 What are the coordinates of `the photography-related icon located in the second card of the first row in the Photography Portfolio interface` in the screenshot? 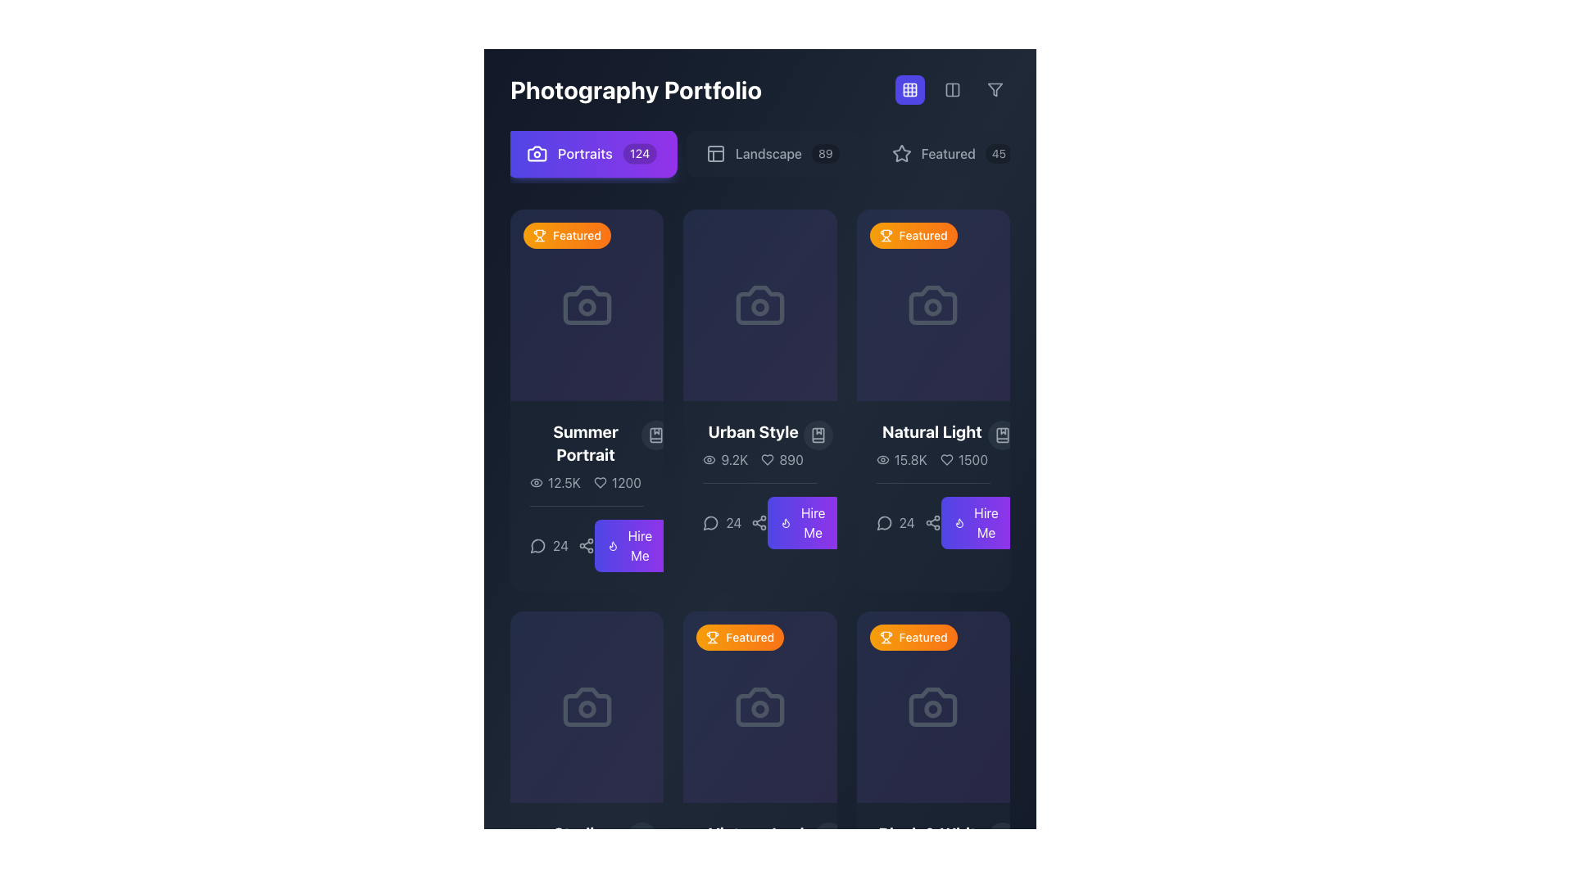 It's located at (759, 305).